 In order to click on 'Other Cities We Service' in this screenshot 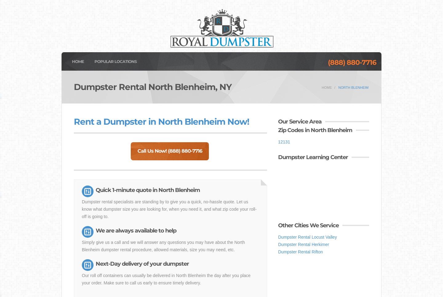, I will do `click(308, 225)`.